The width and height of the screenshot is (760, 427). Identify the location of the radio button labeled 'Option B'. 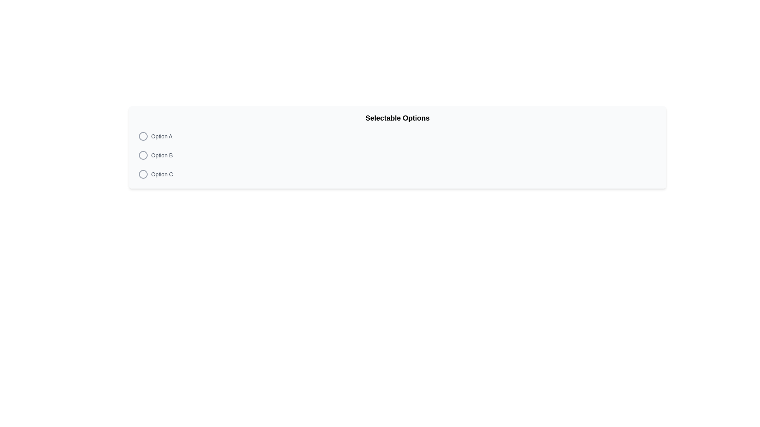
(143, 155).